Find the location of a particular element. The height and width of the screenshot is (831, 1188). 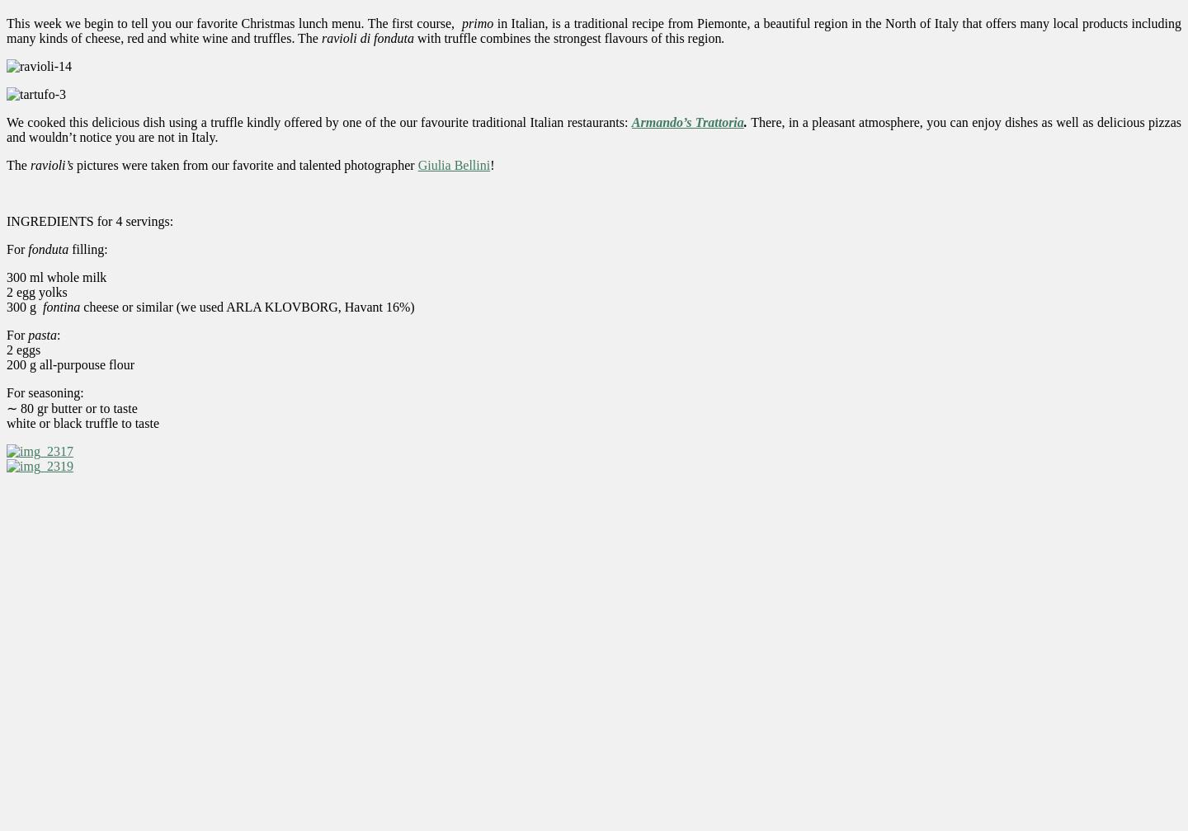

'We cooked this delicious dish using a truffle kindly offered by one of the our favourite traditional Italian restaurants:' is located at coordinates (6, 121).